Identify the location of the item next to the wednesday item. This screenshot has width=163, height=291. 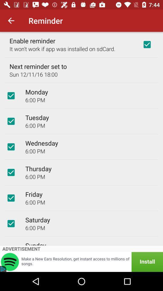
(11, 146).